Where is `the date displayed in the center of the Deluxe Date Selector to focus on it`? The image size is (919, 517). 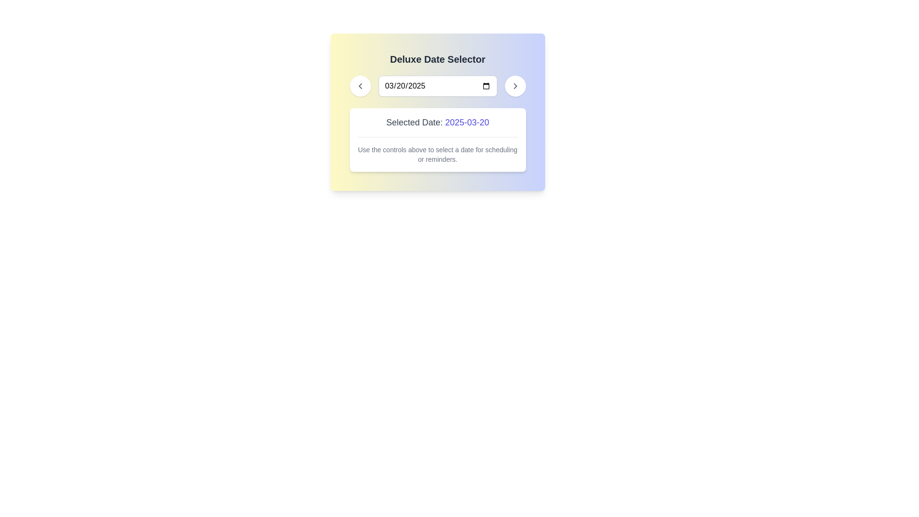
the date displayed in the center of the Deluxe Date Selector to focus on it is located at coordinates (437, 86).